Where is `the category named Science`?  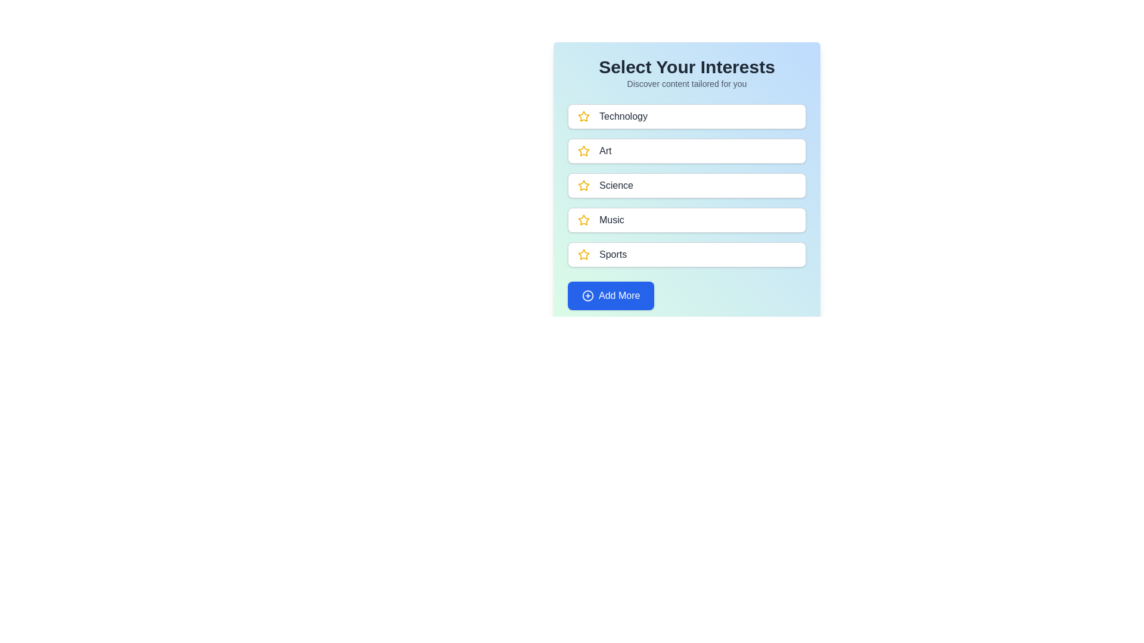 the category named Science is located at coordinates (686, 186).